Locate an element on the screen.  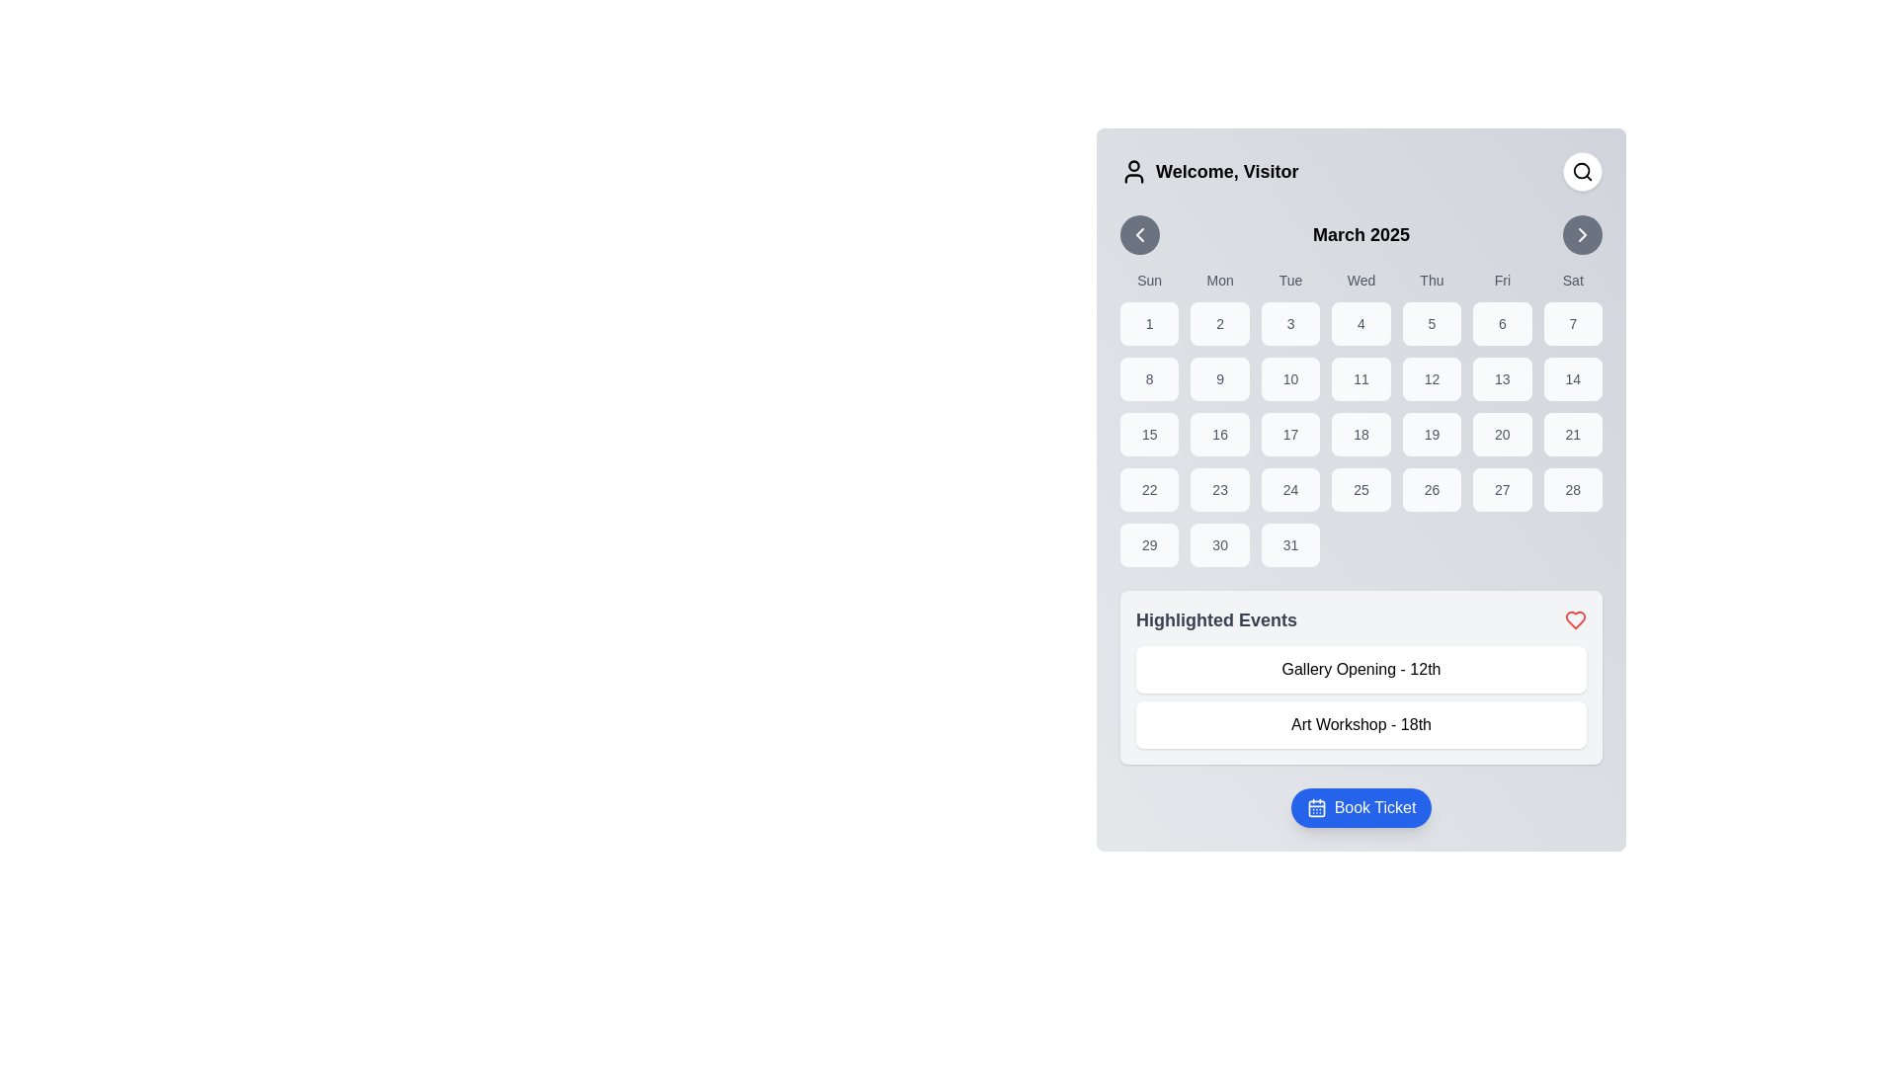
the Calendar day item representing Saturday the 14th is located at coordinates (1572, 379).